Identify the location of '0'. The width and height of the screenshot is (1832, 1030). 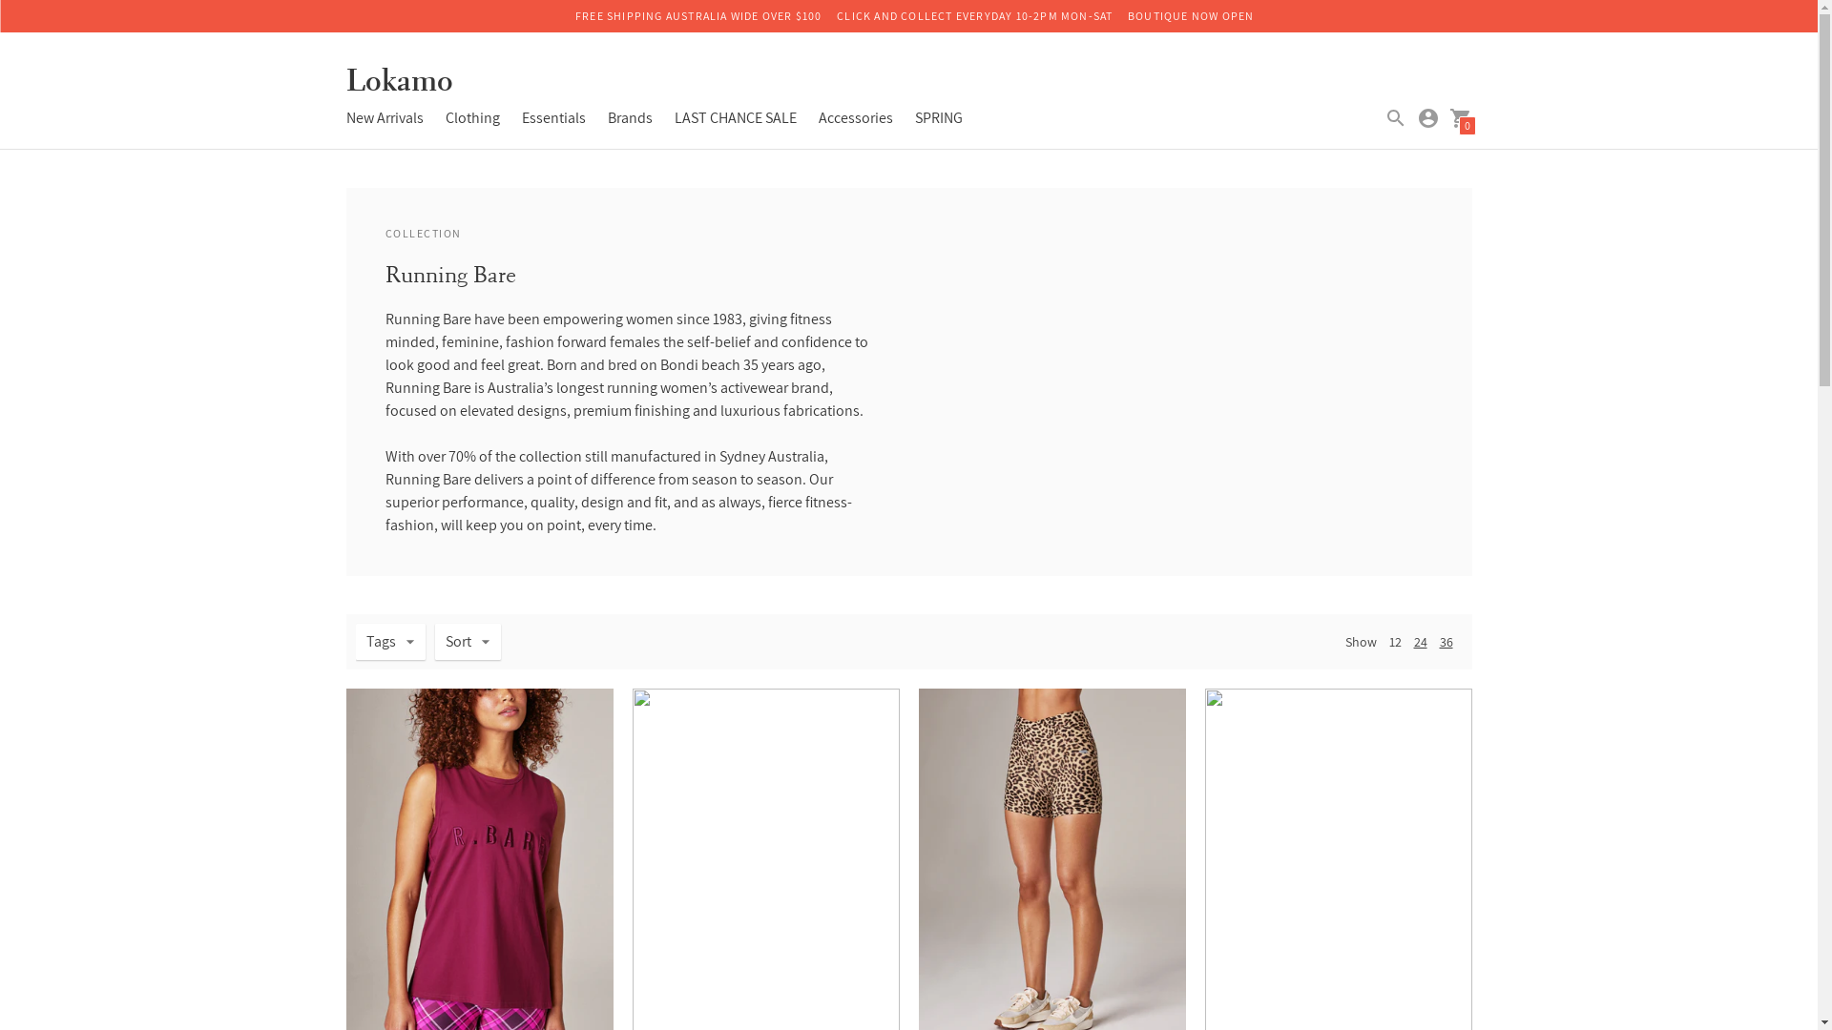
(1459, 116).